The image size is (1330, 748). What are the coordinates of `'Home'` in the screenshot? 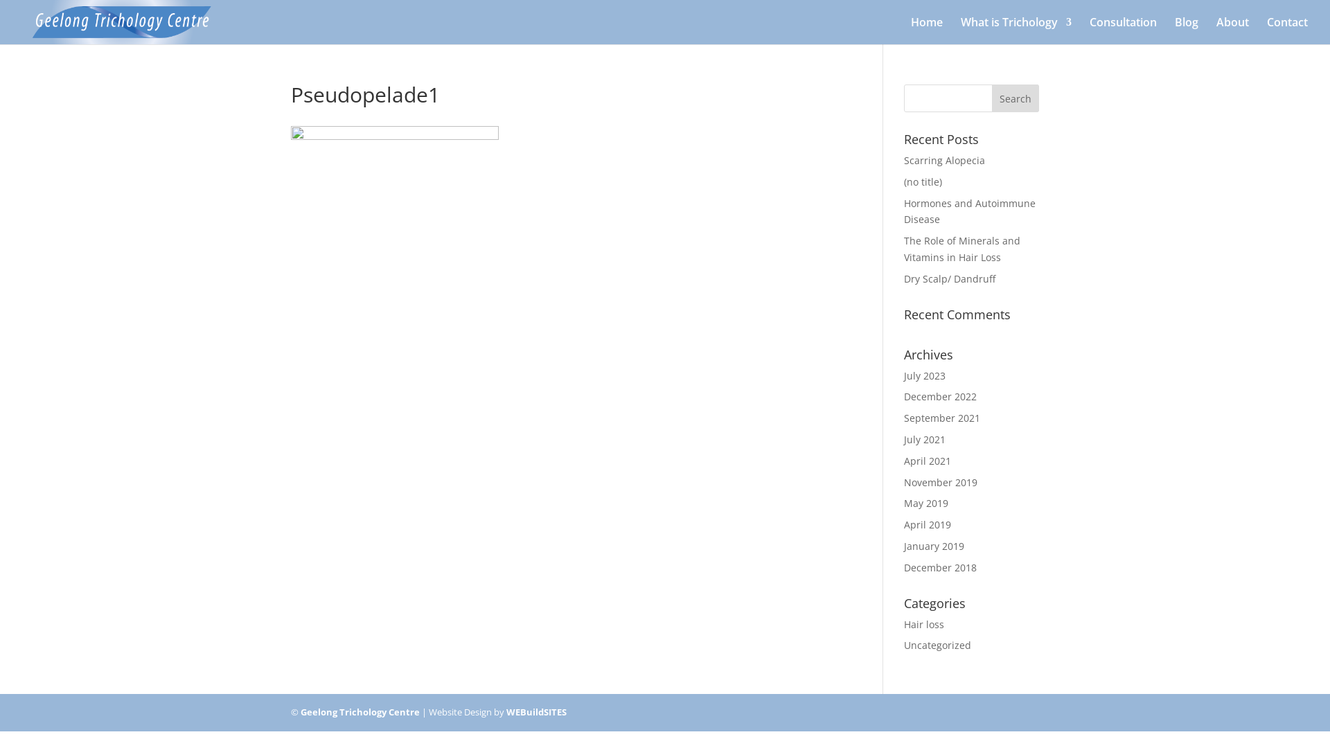 It's located at (911, 30).